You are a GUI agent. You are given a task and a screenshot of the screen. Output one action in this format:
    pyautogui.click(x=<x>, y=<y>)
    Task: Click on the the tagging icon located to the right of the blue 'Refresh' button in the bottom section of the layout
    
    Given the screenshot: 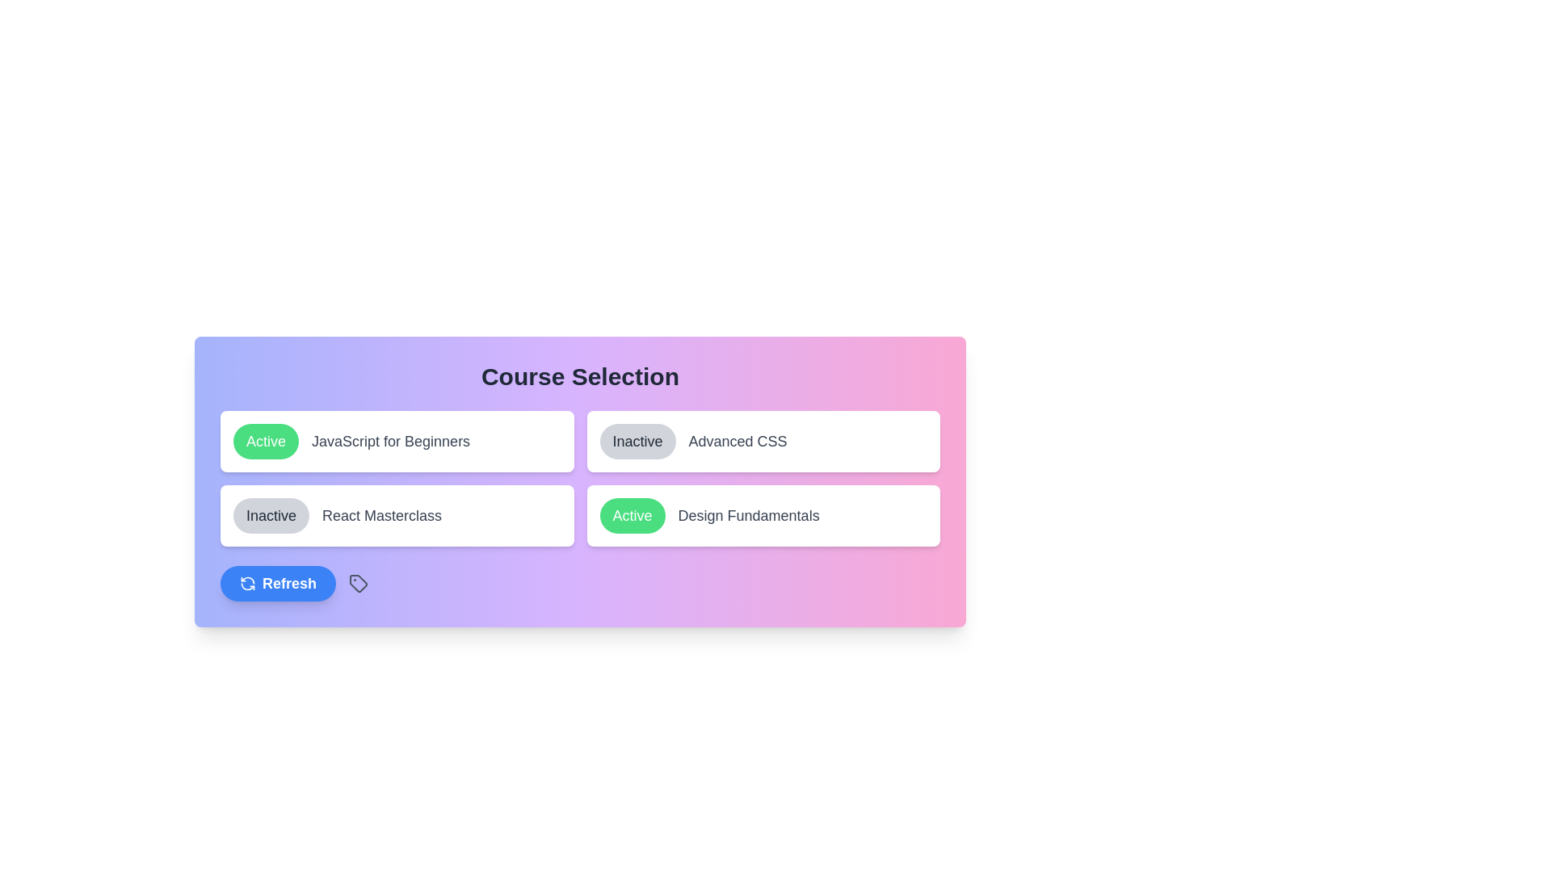 What is the action you would take?
    pyautogui.click(x=358, y=583)
    